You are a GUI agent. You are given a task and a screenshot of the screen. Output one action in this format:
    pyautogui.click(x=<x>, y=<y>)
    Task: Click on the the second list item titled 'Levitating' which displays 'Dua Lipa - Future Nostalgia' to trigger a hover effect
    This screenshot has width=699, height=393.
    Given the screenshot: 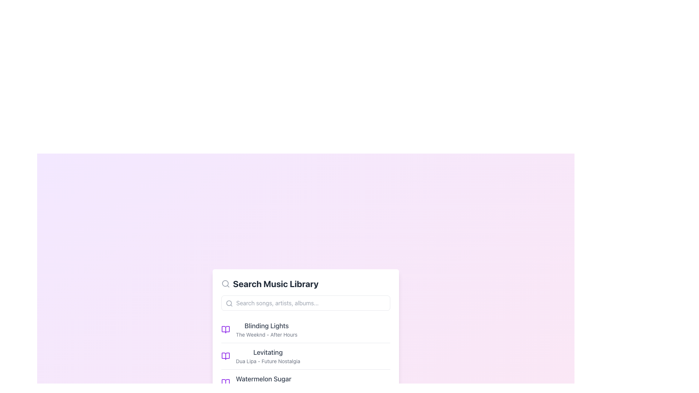 What is the action you would take?
    pyautogui.click(x=306, y=356)
    